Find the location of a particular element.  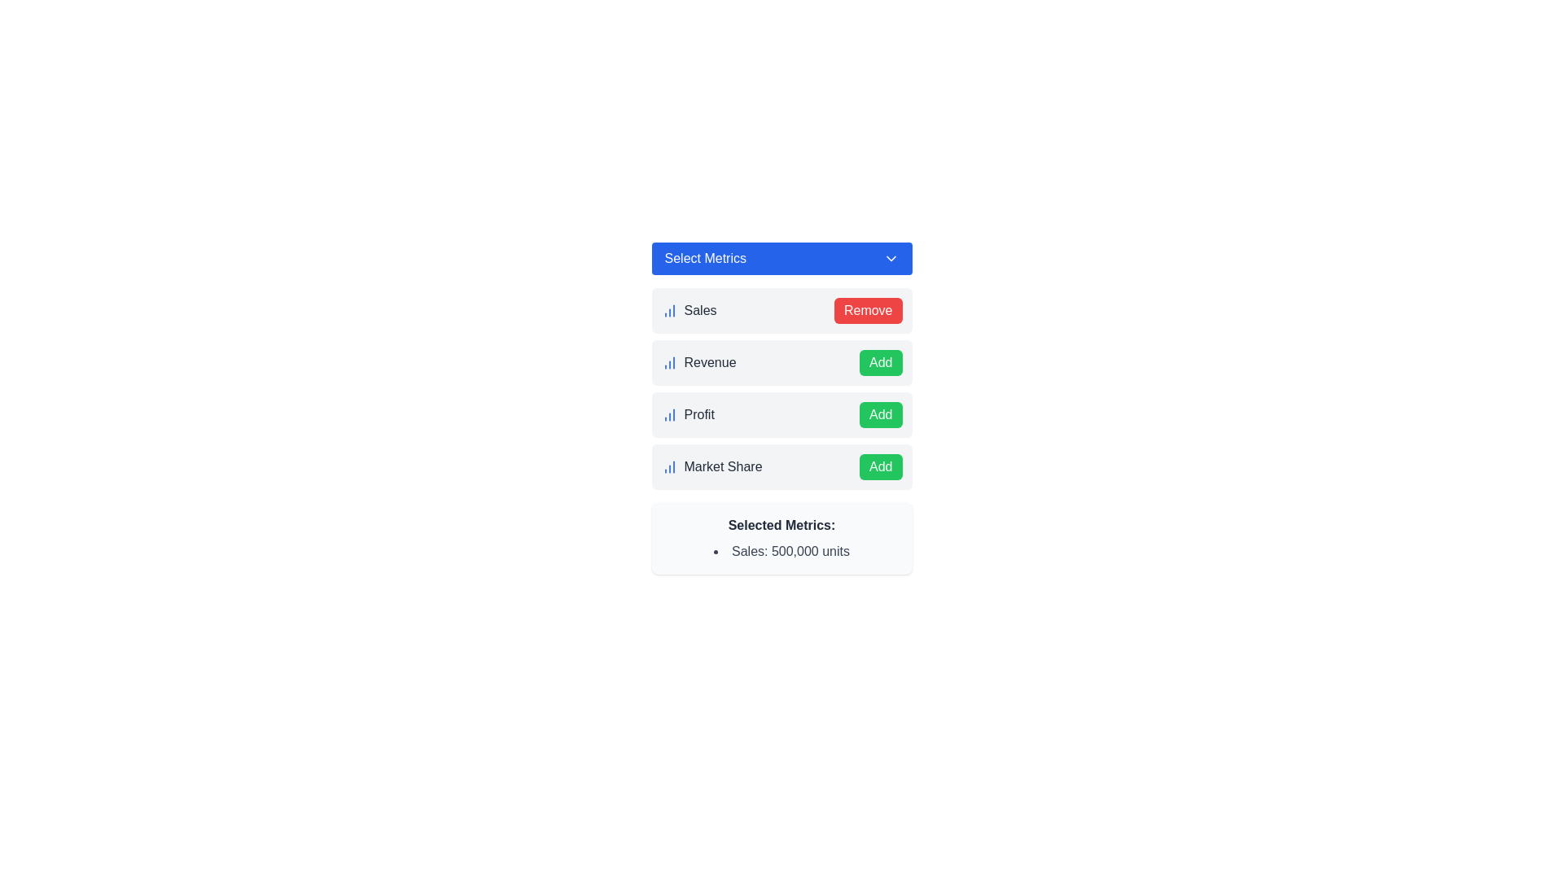

the action button that enables users to add the associated metric 'Profit' is located at coordinates (880, 413).